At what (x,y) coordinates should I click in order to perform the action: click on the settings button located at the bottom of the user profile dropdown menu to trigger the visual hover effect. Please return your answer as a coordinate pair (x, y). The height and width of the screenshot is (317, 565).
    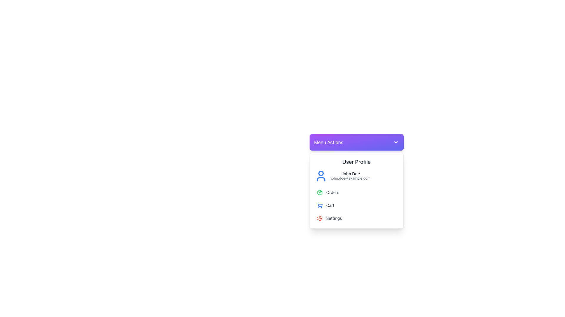
    Looking at the image, I should click on (356, 218).